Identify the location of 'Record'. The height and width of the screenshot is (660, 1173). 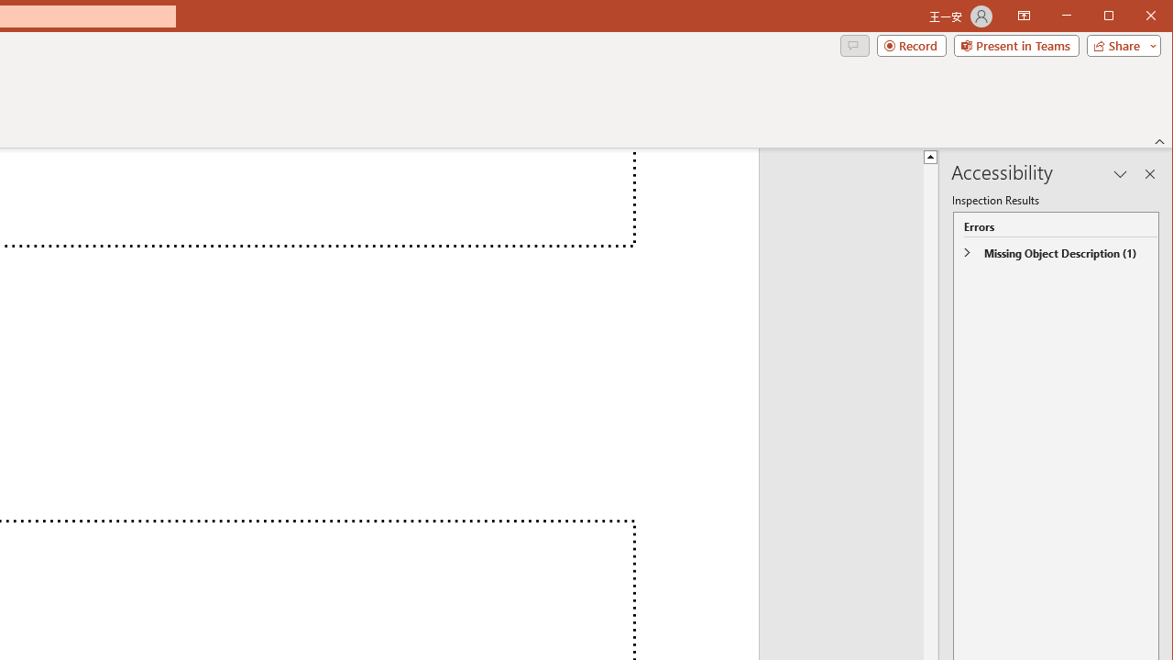
(912, 45).